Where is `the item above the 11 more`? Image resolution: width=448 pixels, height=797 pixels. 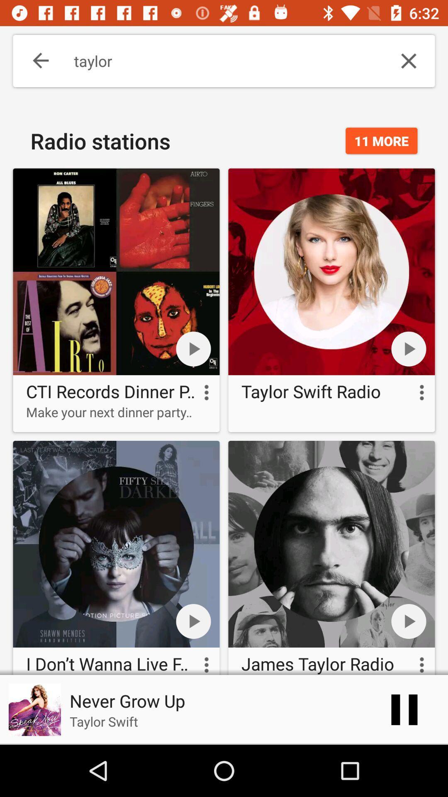
the item above the 11 more is located at coordinates (408, 61).